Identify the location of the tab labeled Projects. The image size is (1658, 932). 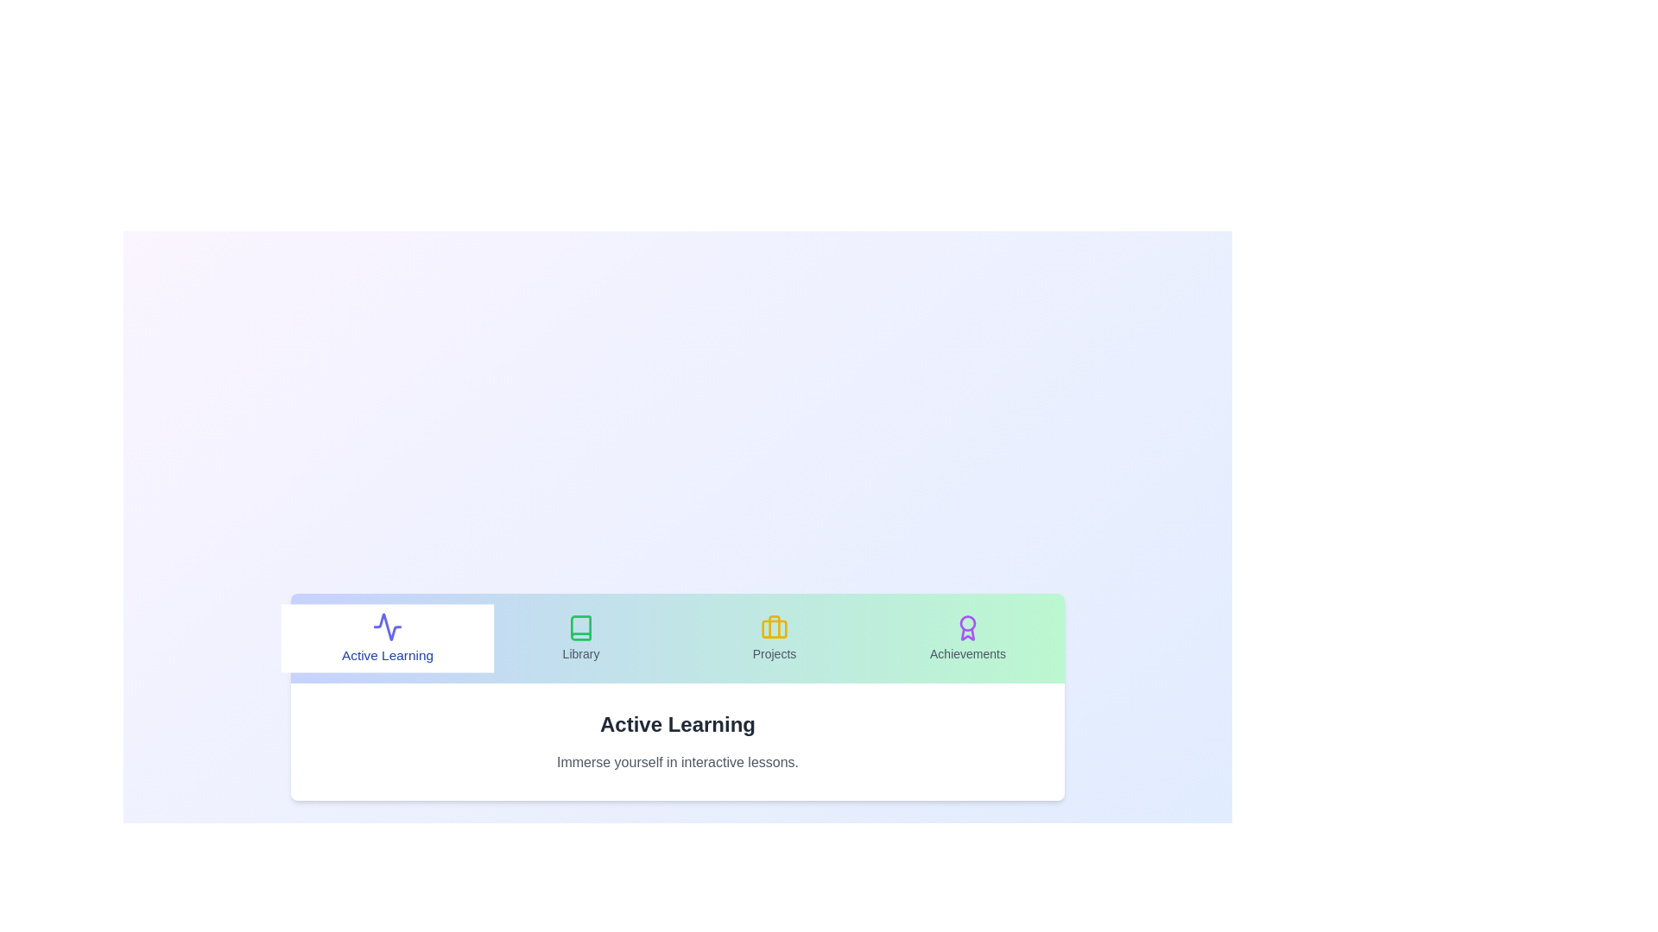
(774, 639).